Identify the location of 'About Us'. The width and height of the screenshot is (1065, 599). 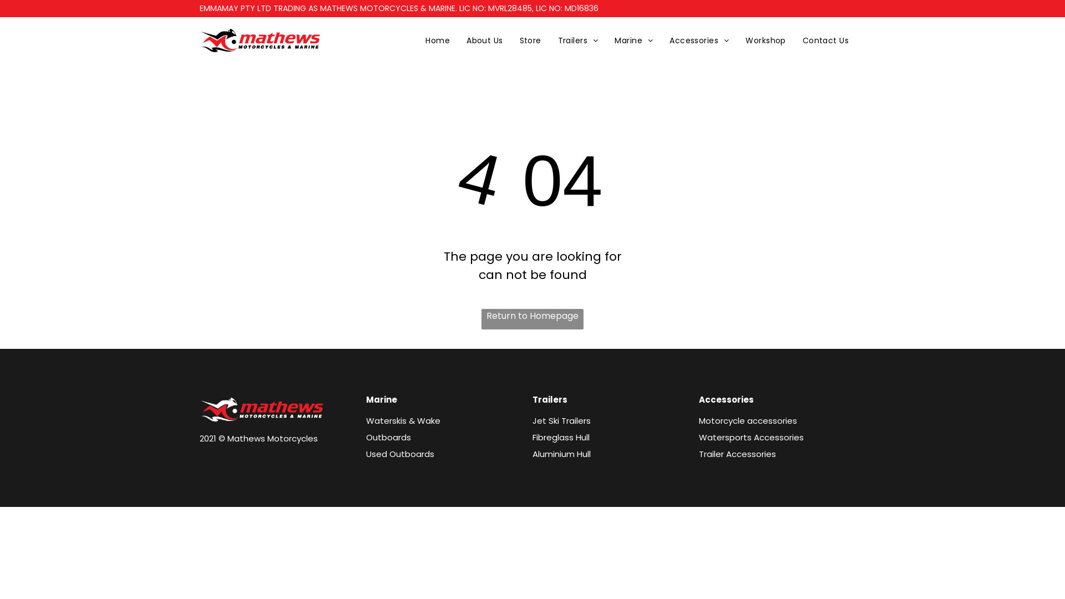
(484, 40).